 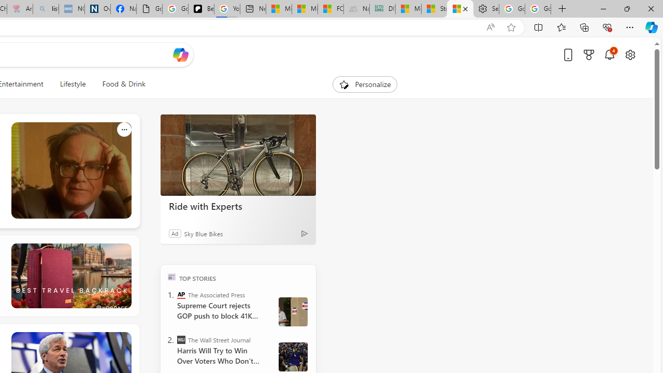 I want to click on 'Arthritis: Ask Health Professionals - Sleeping', so click(x=20, y=9).